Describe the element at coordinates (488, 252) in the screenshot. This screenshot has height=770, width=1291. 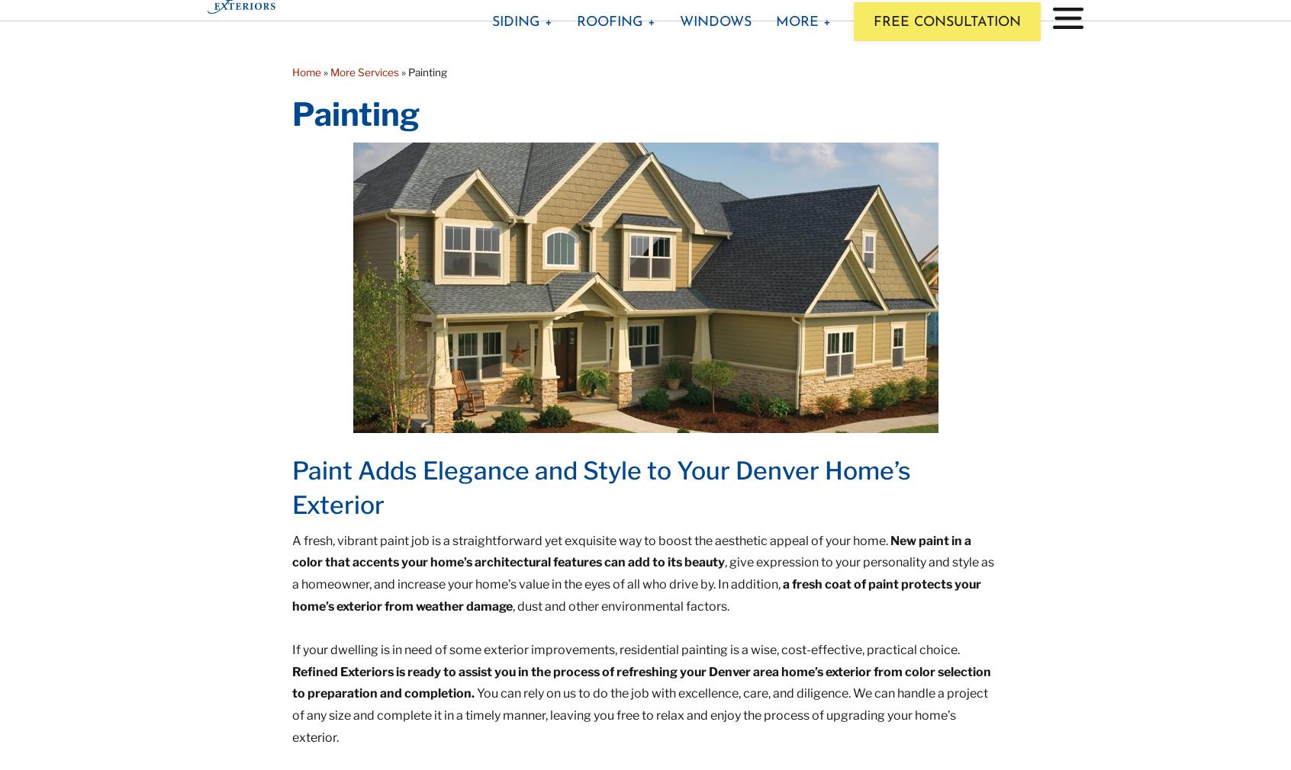
I see `'LP SmartSide'` at that location.